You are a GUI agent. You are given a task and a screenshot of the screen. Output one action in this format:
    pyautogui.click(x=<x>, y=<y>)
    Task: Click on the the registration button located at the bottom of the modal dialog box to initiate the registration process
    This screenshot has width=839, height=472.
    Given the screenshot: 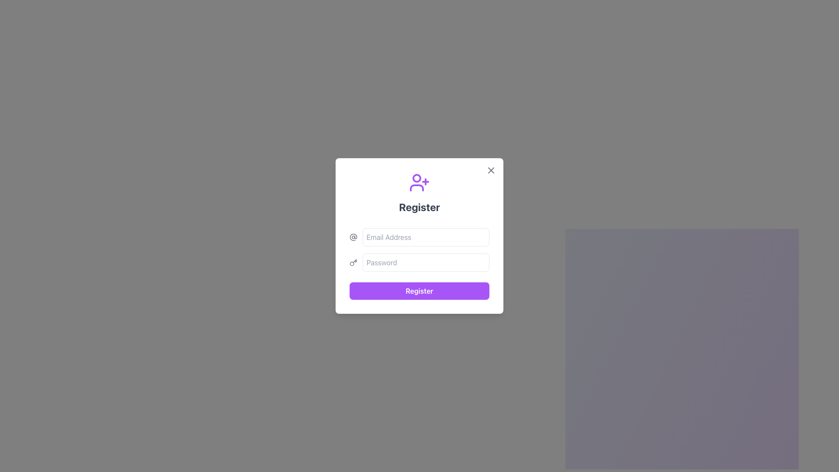 What is the action you would take?
    pyautogui.click(x=419, y=291)
    